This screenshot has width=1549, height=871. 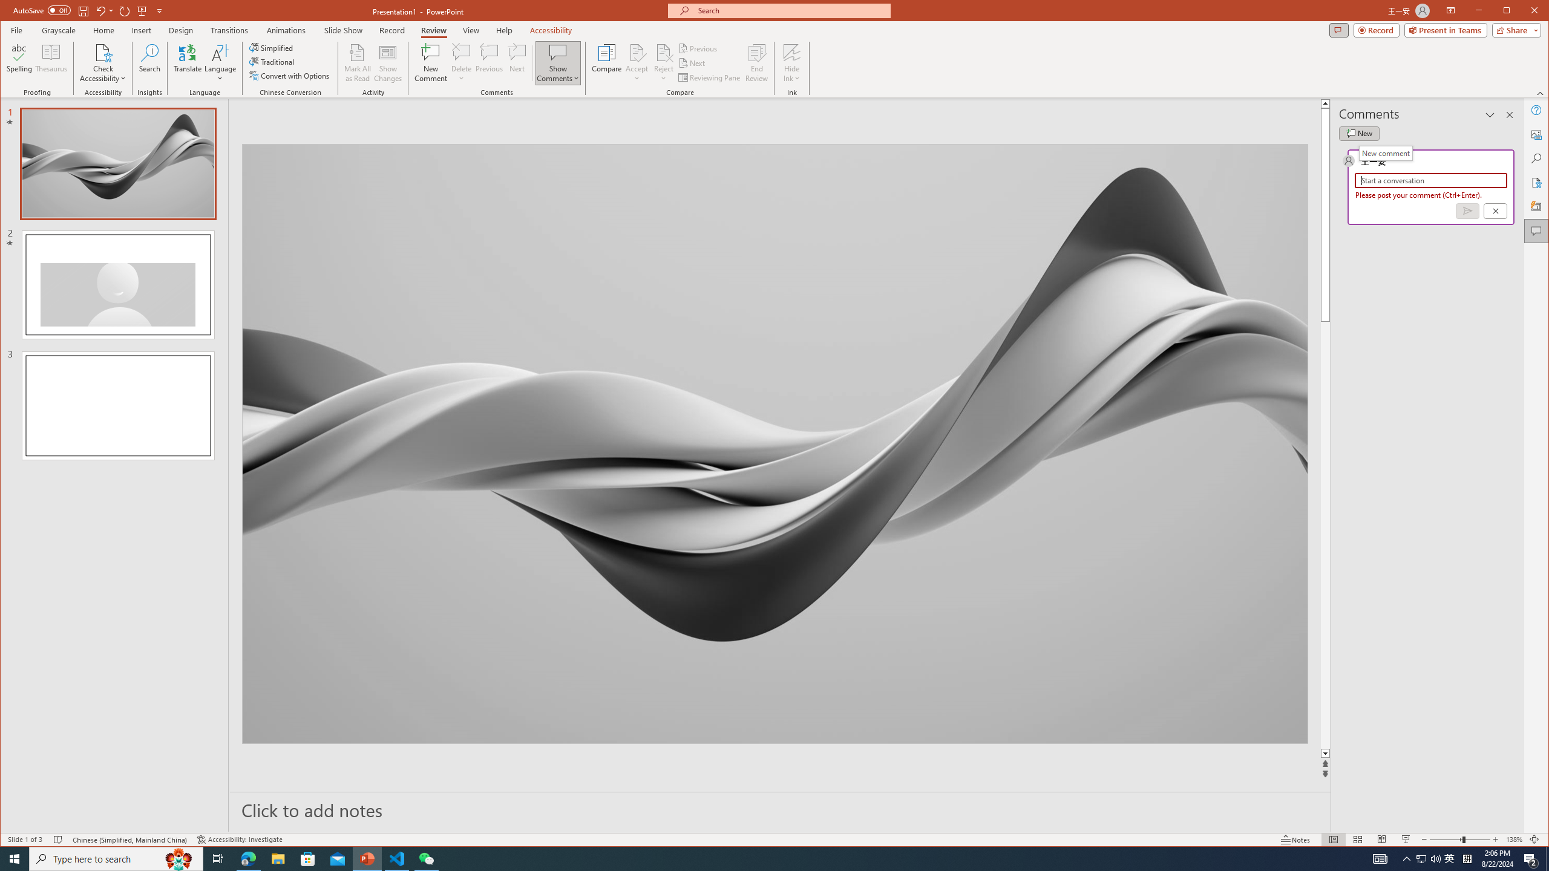 What do you see at coordinates (19, 62) in the screenshot?
I see `'Spelling...'` at bounding box center [19, 62].